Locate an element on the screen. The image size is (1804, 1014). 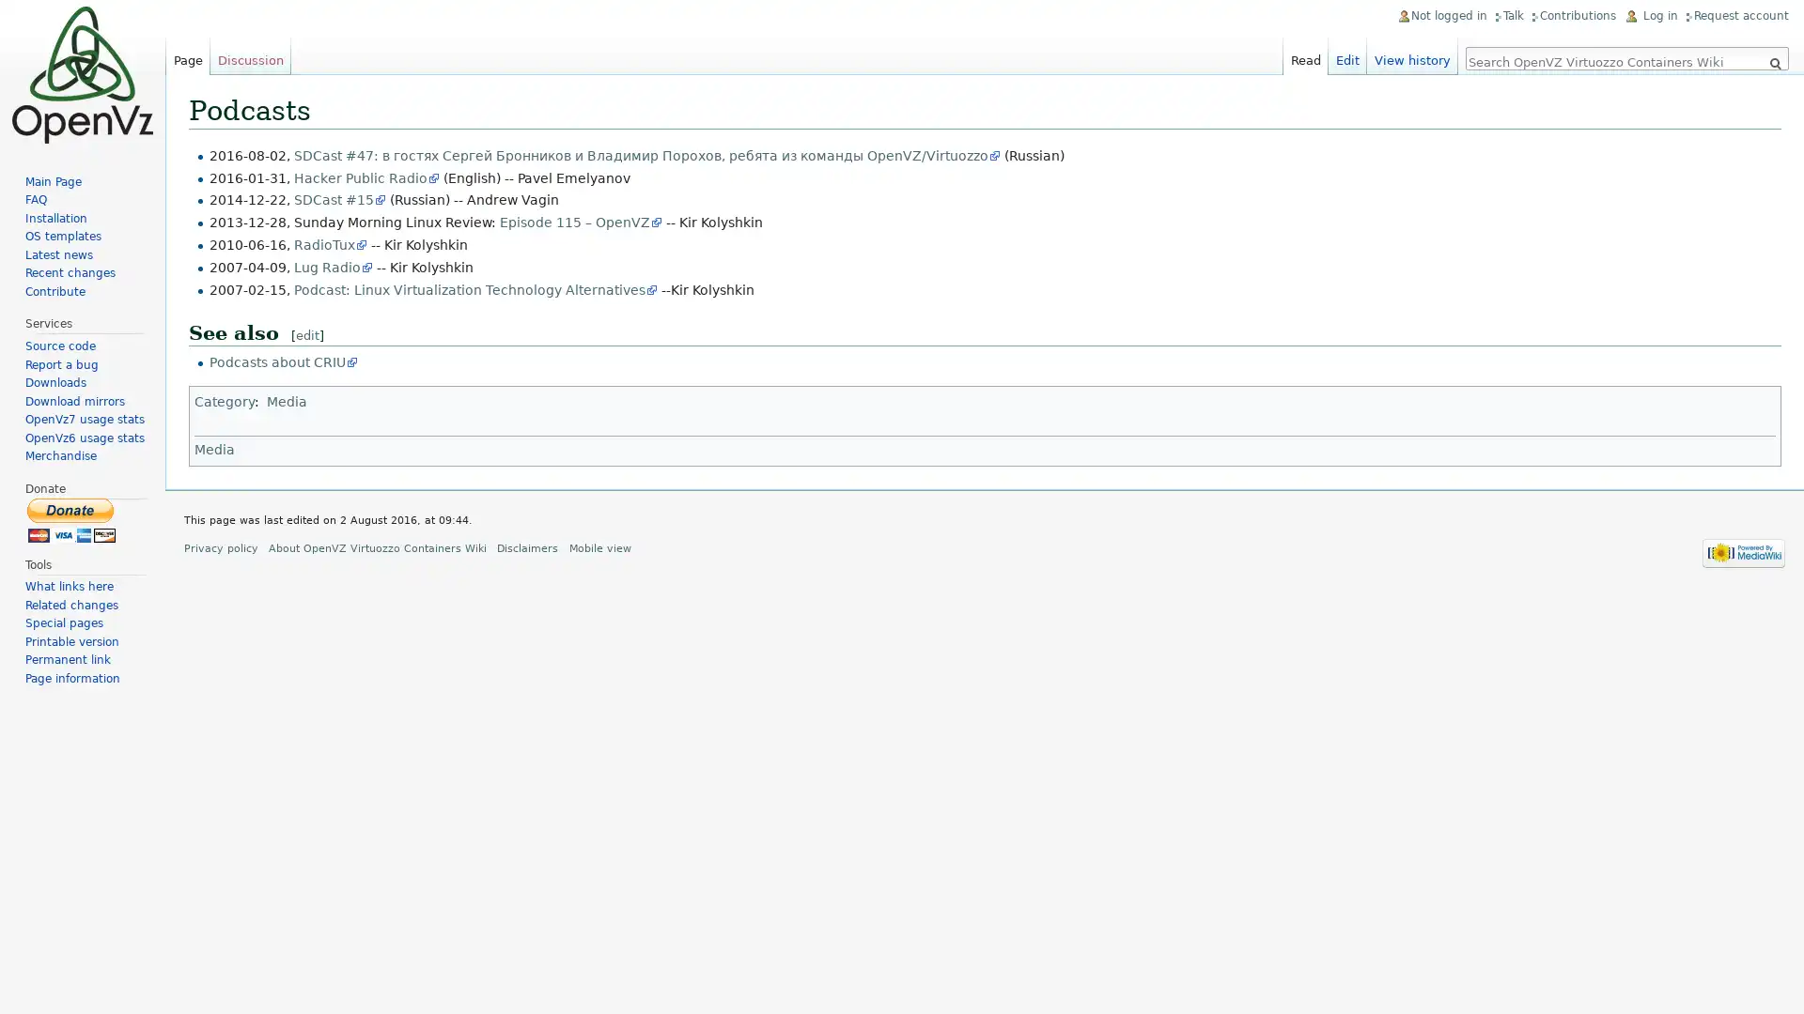
Go is located at coordinates (1774, 63).